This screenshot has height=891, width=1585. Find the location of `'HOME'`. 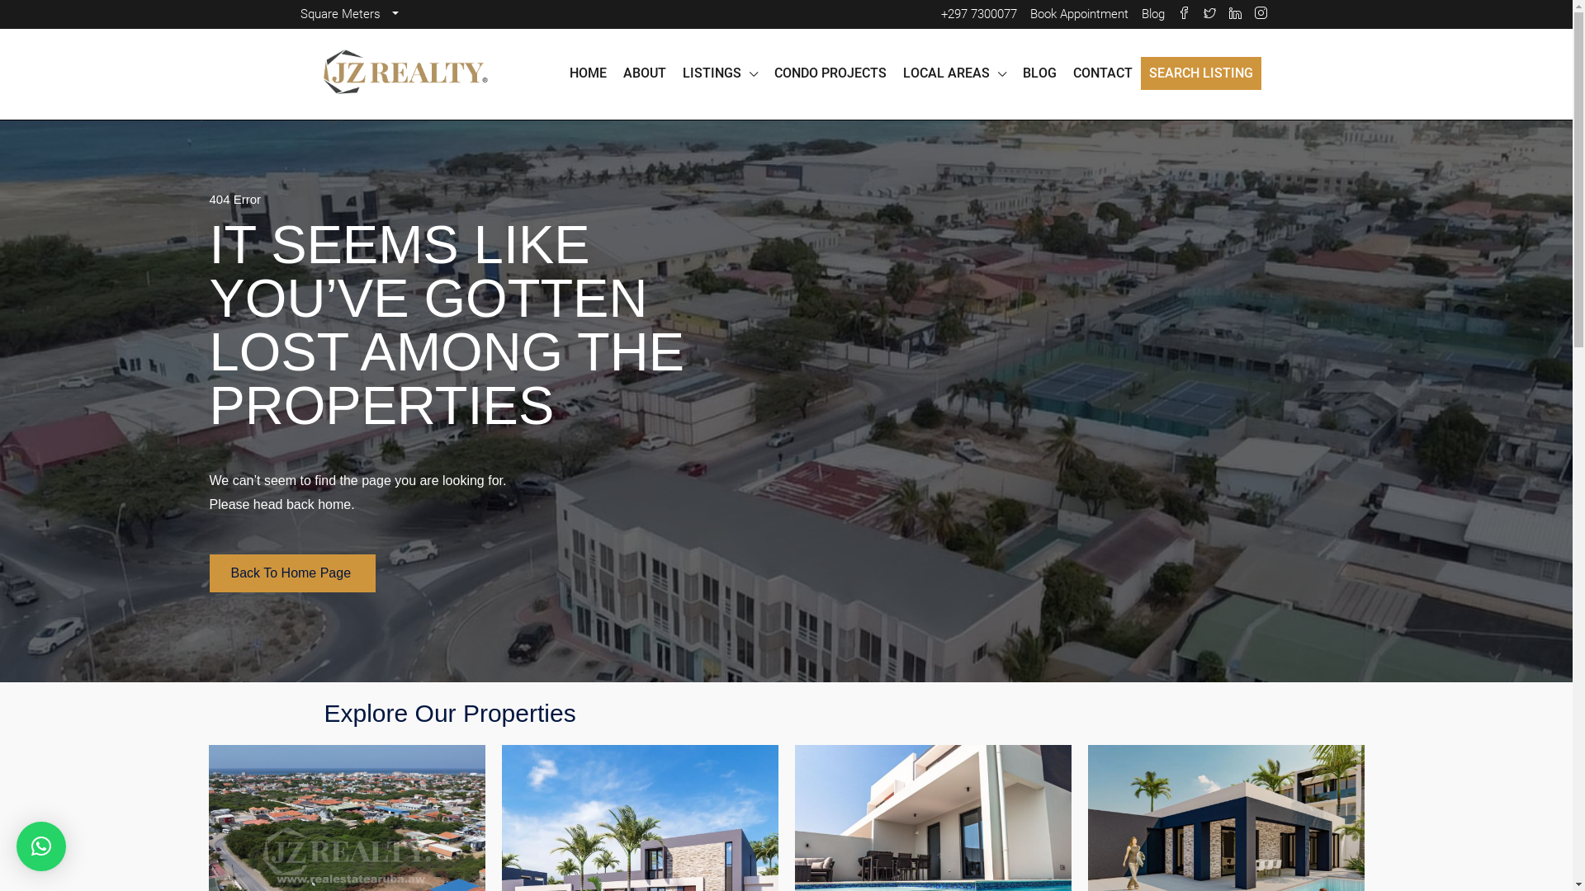

'HOME' is located at coordinates (588, 72).